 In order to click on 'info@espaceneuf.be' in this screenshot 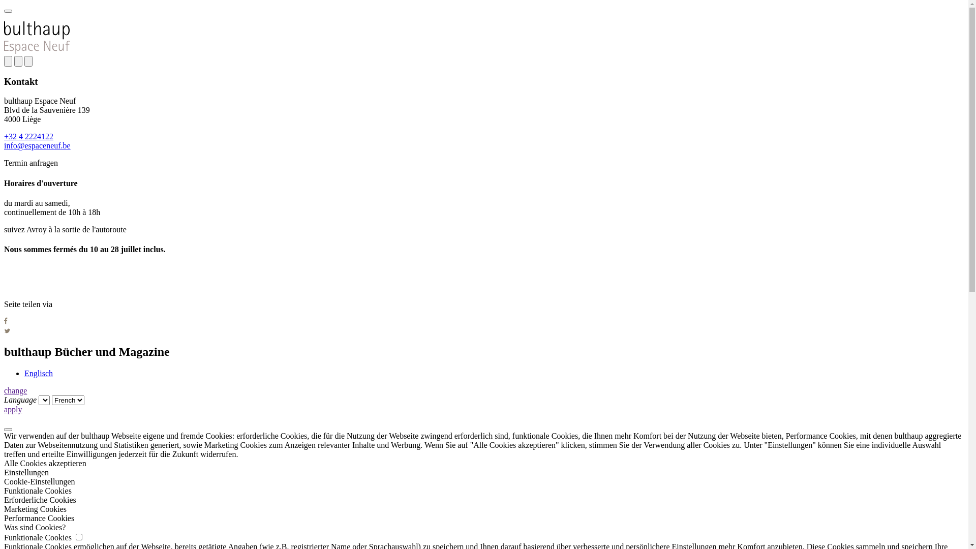, I will do `click(37, 145)`.